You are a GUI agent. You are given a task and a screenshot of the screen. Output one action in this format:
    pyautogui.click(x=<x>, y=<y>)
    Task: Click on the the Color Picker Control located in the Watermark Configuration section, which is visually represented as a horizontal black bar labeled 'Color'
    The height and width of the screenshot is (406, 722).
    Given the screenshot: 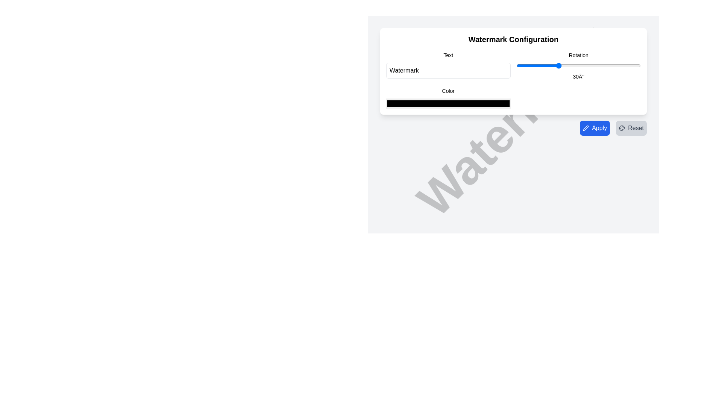 What is the action you would take?
    pyautogui.click(x=448, y=97)
    